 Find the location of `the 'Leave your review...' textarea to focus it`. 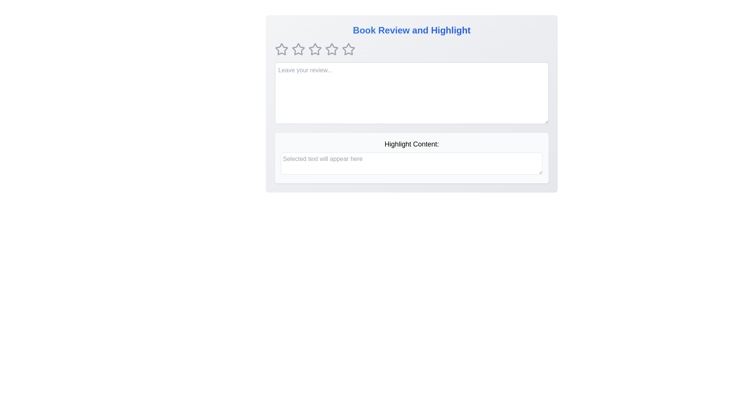

the 'Leave your review...' textarea to focus it is located at coordinates (411, 93).